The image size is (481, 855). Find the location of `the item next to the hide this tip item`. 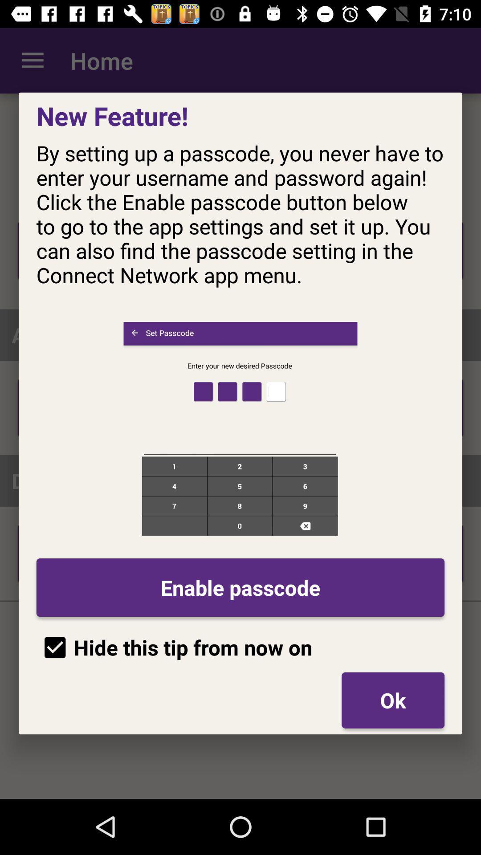

the item next to the hide this tip item is located at coordinates (392, 700).